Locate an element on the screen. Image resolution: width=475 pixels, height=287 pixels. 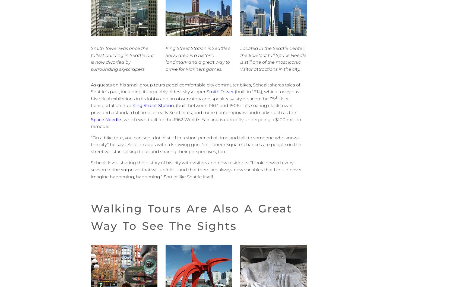
'Space Needle' is located at coordinates (106, 119).